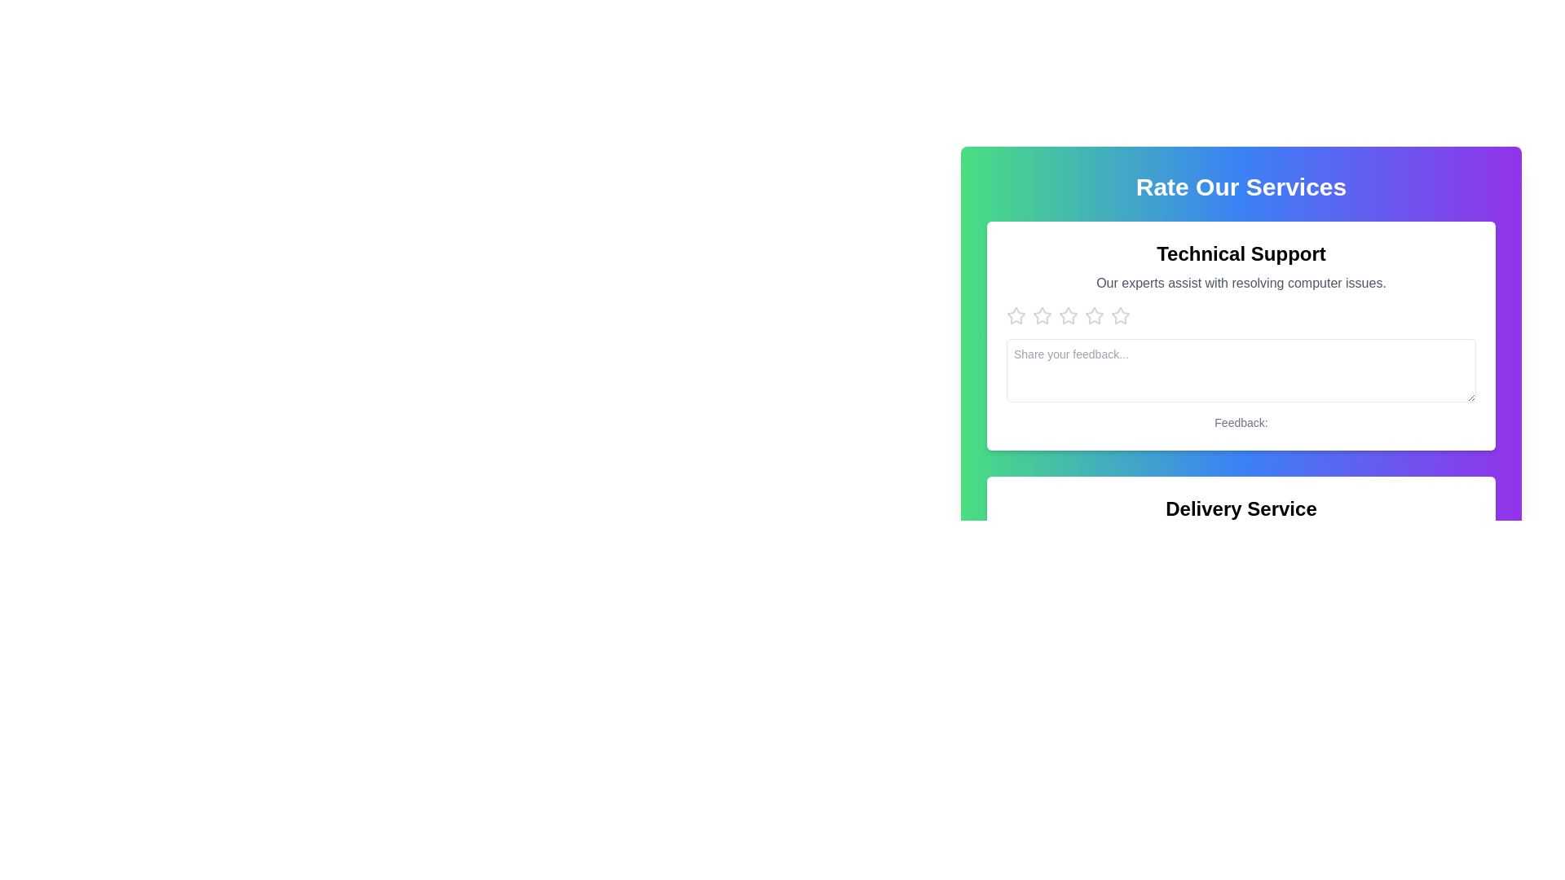 Image resolution: width=1565 pixels, height=880 pixels. Describe the element at coordinates (1240, 187) in the screenshot. I see `the header text at the top center of the card section, which serves as the title inviting users to rate the services provided` at that location.